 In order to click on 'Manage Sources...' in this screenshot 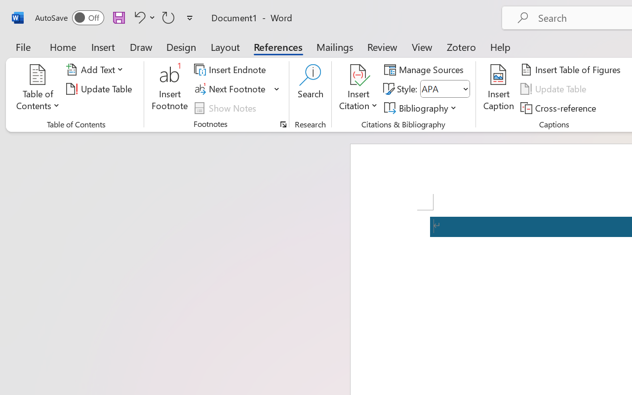, I will do `click(426, 70)`.